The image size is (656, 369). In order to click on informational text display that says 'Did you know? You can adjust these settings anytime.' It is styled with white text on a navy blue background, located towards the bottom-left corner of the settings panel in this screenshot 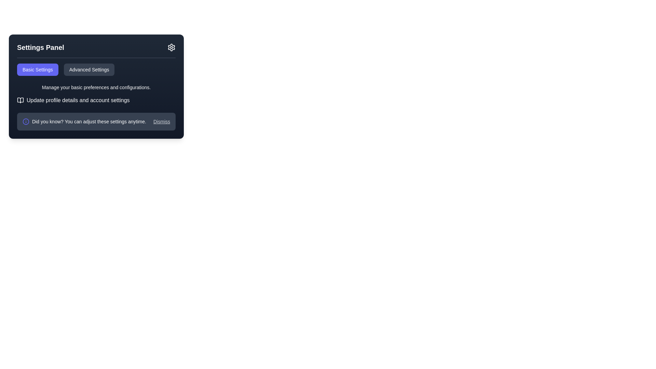, I will do `click(88, 121)`.